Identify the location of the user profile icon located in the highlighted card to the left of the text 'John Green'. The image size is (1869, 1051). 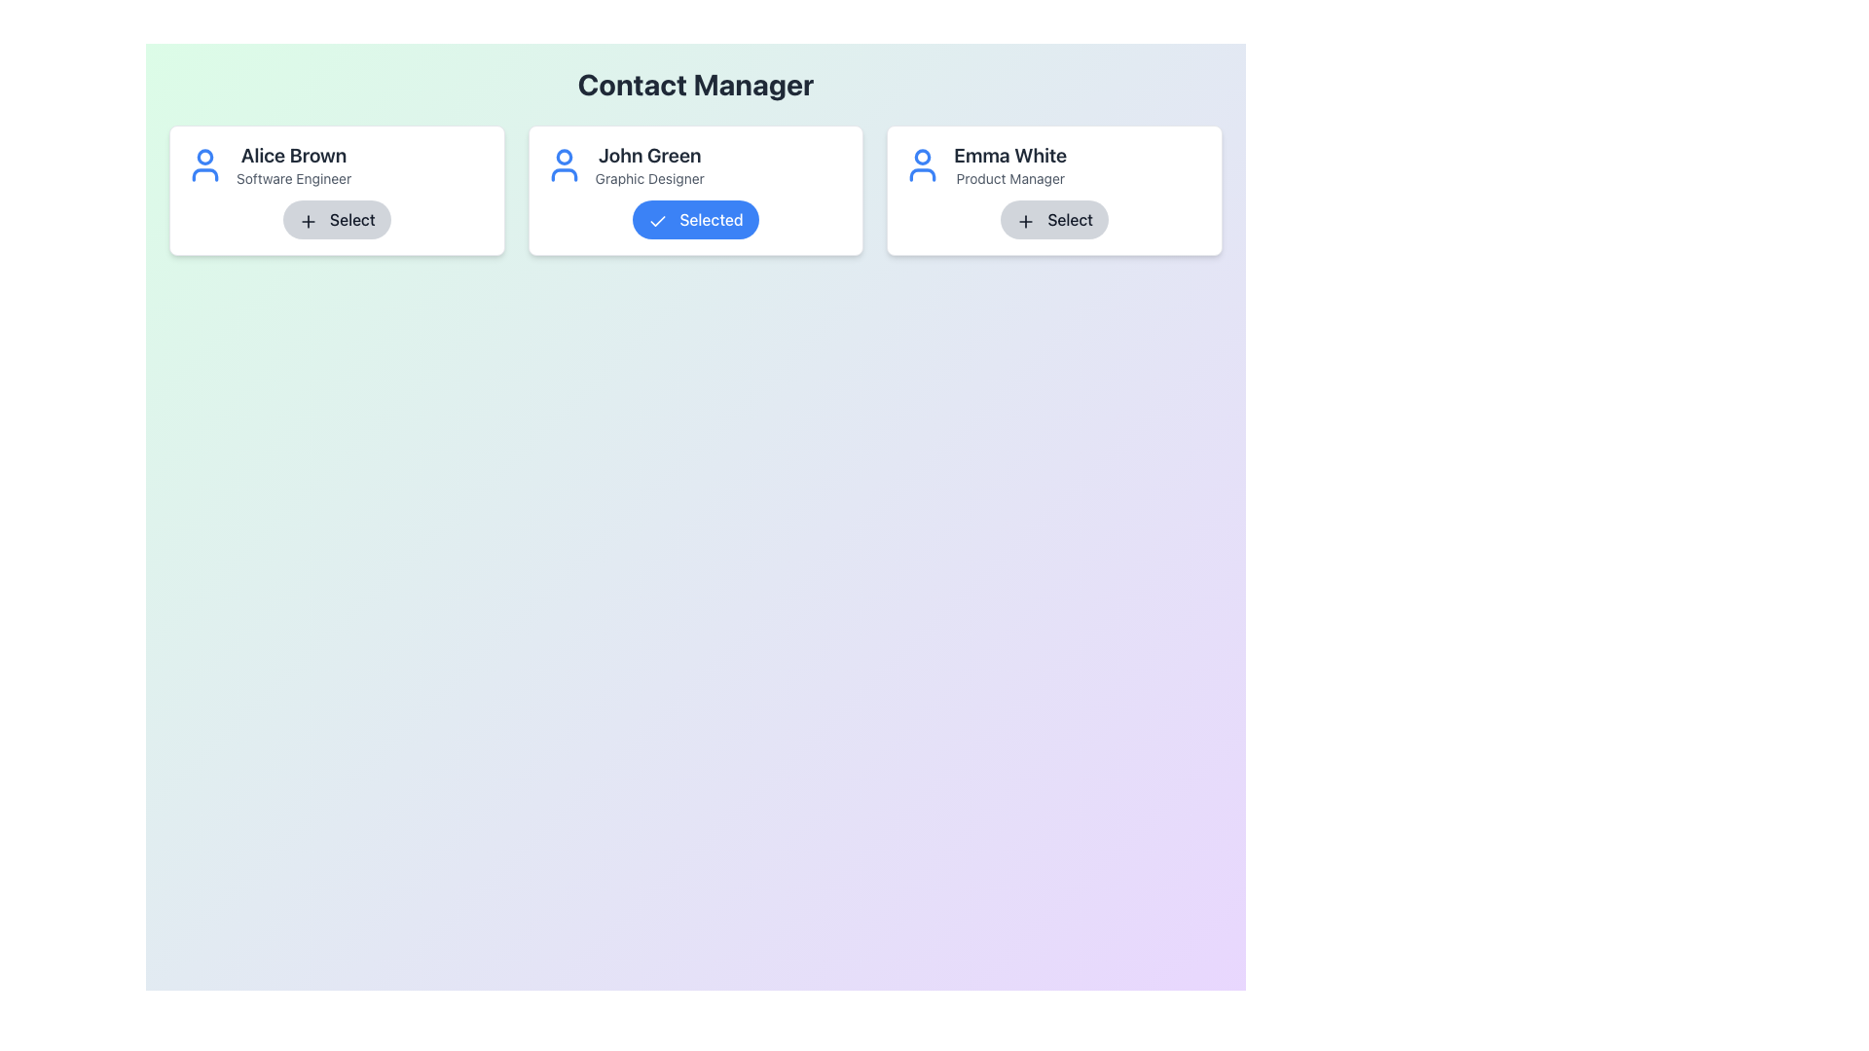
(563, 163).